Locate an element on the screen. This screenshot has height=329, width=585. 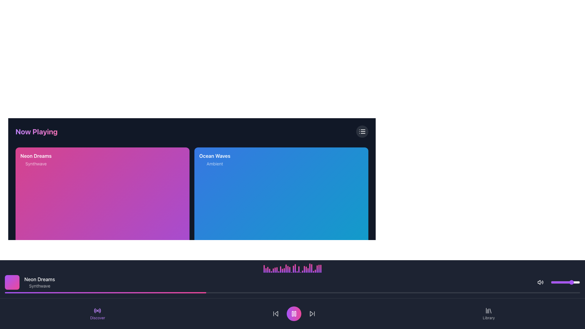
the interactive button with a heart-shaped icon located at the top-right of the 'Neon Dreams' card is located at coordinates (179, 159).